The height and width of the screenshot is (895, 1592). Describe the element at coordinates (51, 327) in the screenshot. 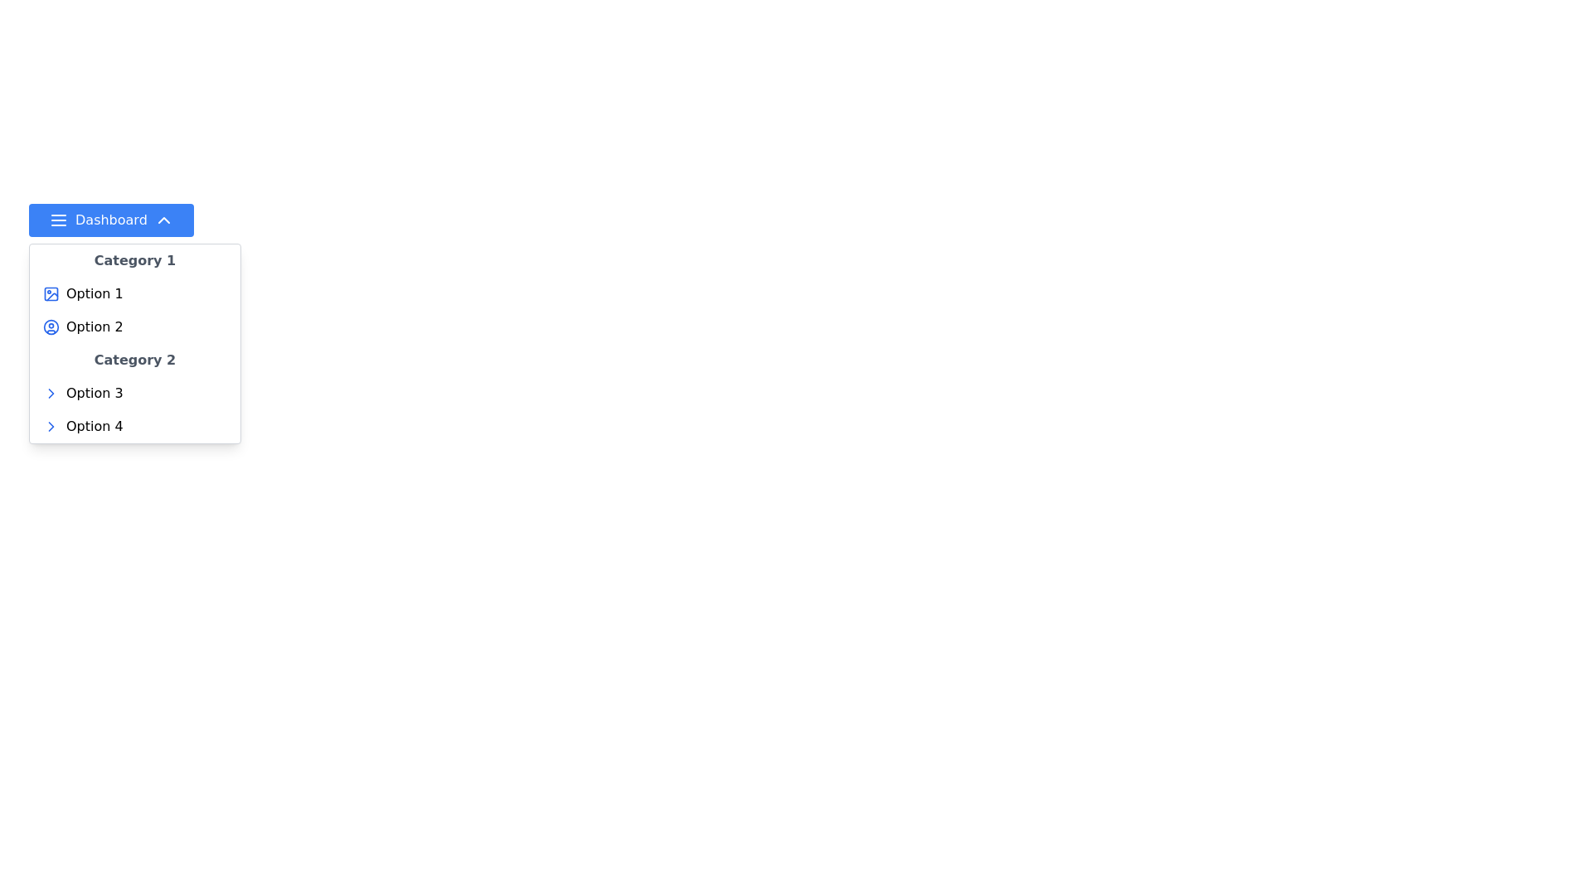

I see `the user profile icon with a blue circle outline located to the left of the text 'Option 2' in the second option under 'Category 1' in the dropdown menu` at that location.